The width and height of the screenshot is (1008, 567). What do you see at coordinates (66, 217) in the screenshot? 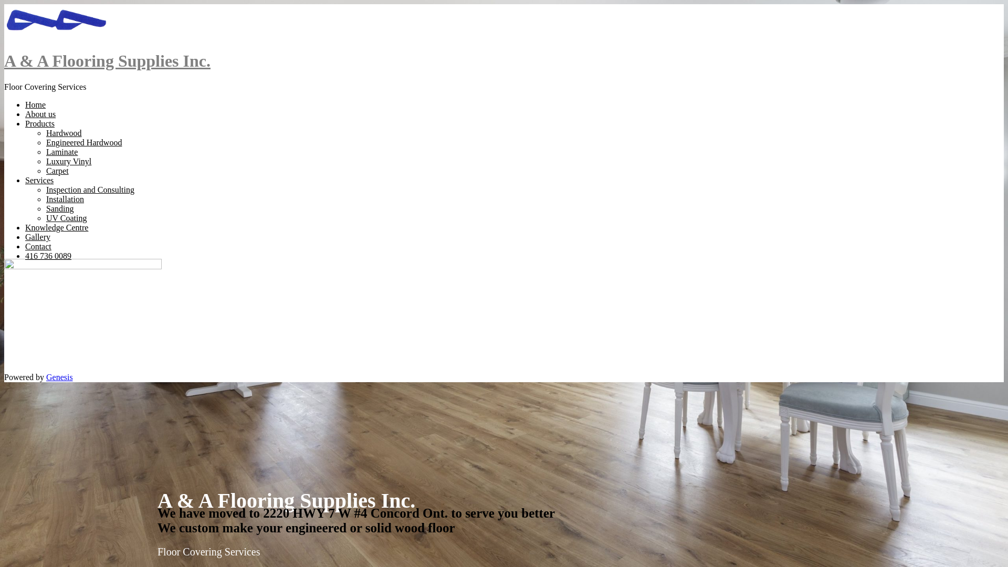
I see `'UV Coating'` at bounding box center [66, 217].